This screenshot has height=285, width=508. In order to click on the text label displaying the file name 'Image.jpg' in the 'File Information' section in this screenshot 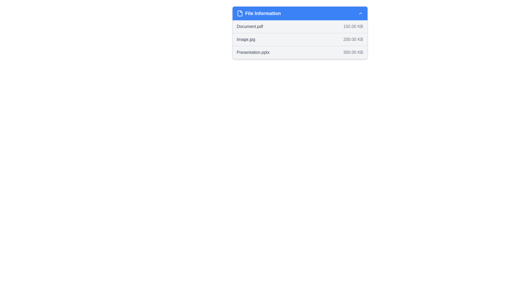, I will do `click(246, 39)`.